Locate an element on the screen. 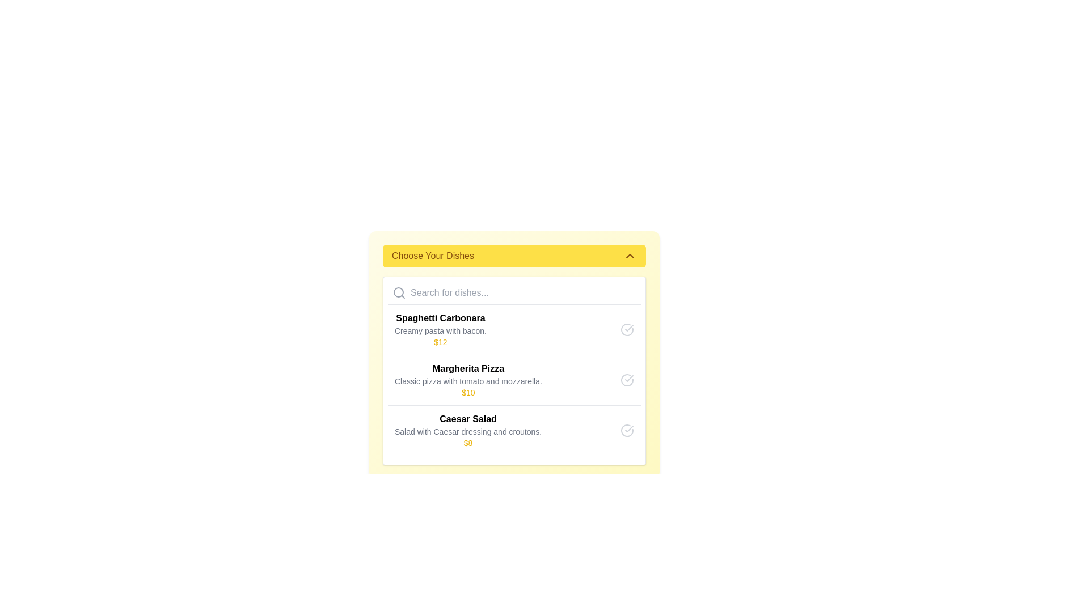  the second list item in the menu interface titled 'Choose Your Dishes' is located at coordinates (468, 380).